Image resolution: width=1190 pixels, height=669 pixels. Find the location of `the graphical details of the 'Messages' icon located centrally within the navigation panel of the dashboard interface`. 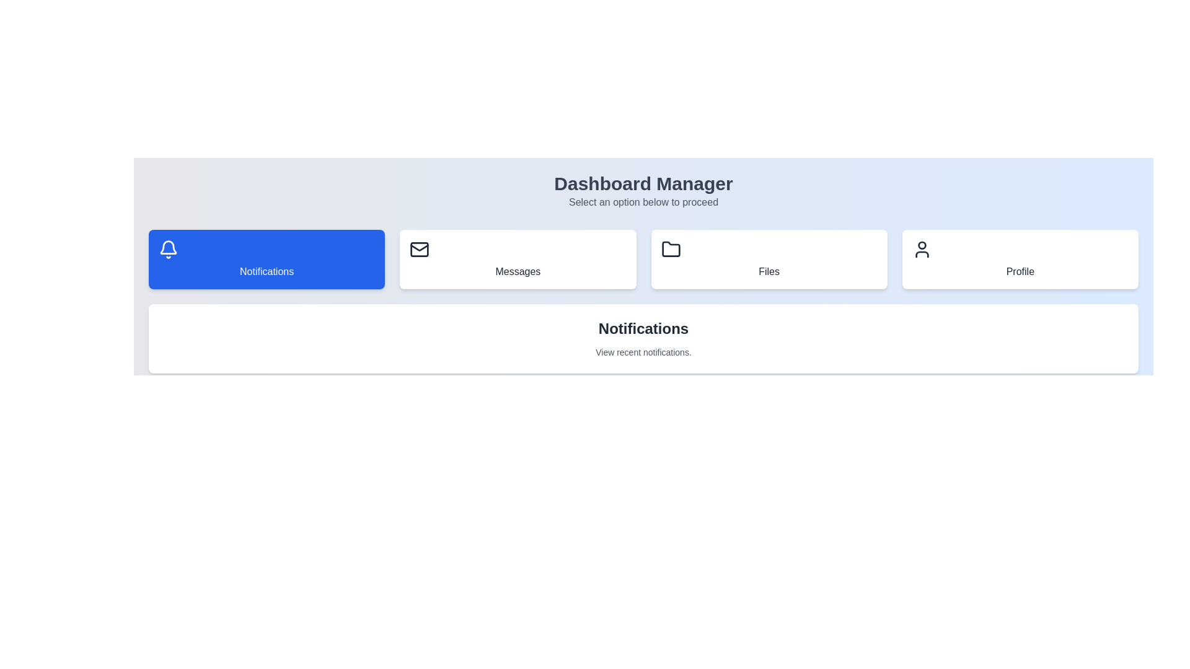

the graphical details of the 'Messages' icon located centrally within the navigation panel of the dashboard interface is located at coordinates (420, 248).